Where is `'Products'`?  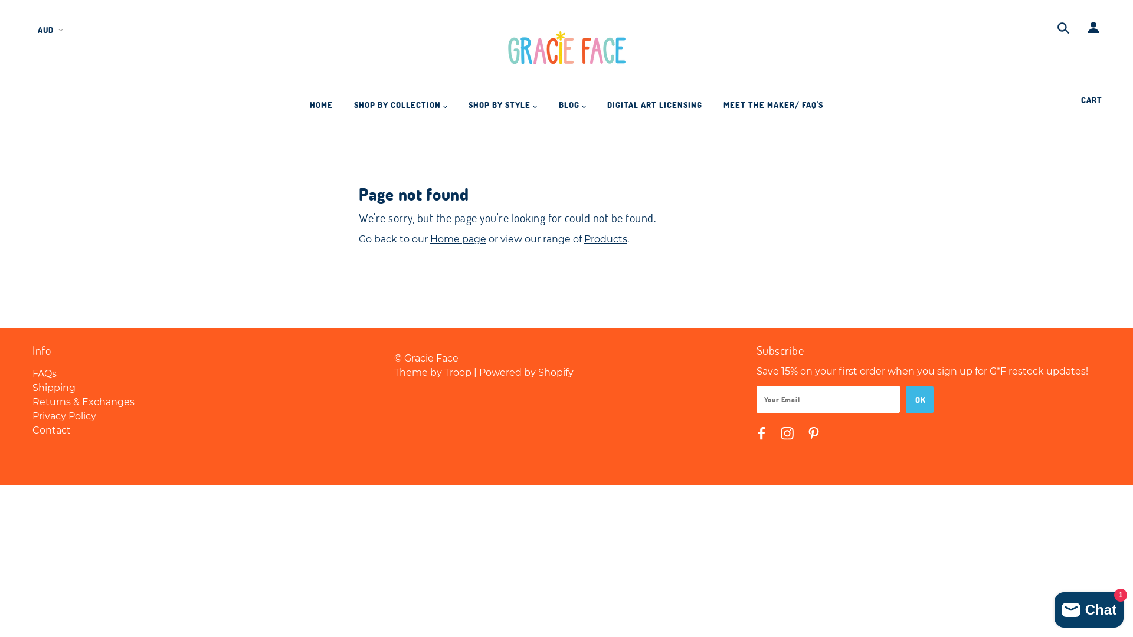 'Products' is located at coordinates (605, 239).